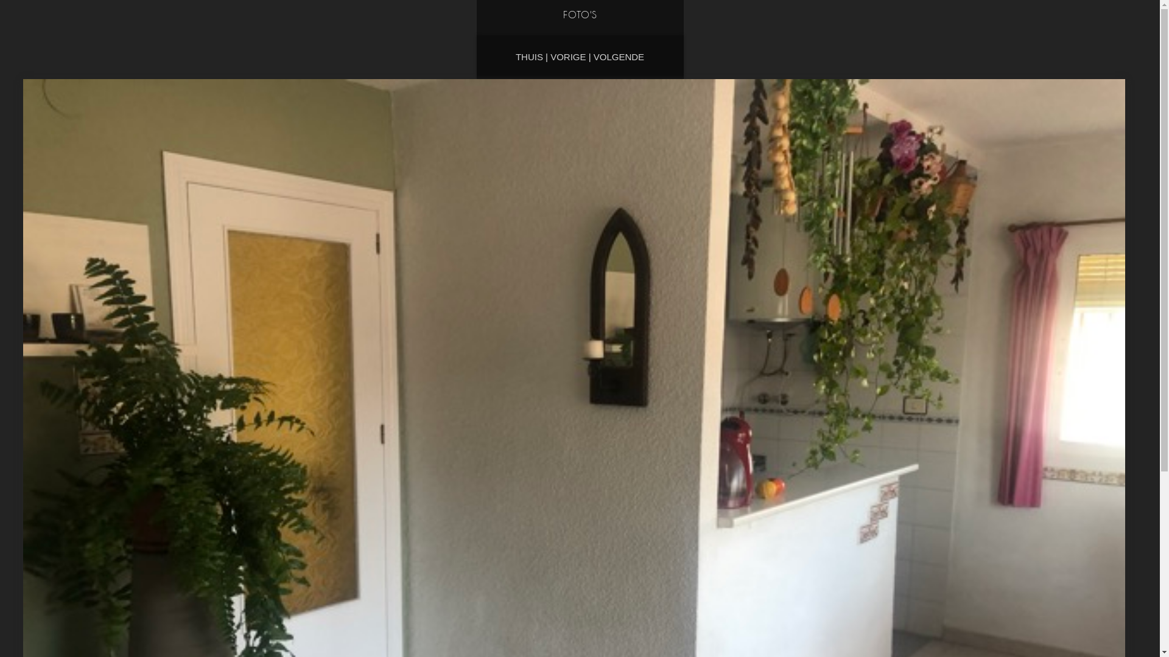 The height and width of the screenshot is (657, 1169). What do you see at coordinates (529, 57) in the screenshot?
I see `'THUIS'` at bounding box center [529, 57].